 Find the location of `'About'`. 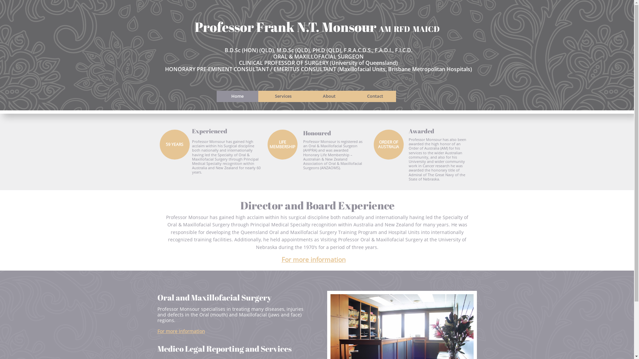

'About' is located at coordinates (329, 96).